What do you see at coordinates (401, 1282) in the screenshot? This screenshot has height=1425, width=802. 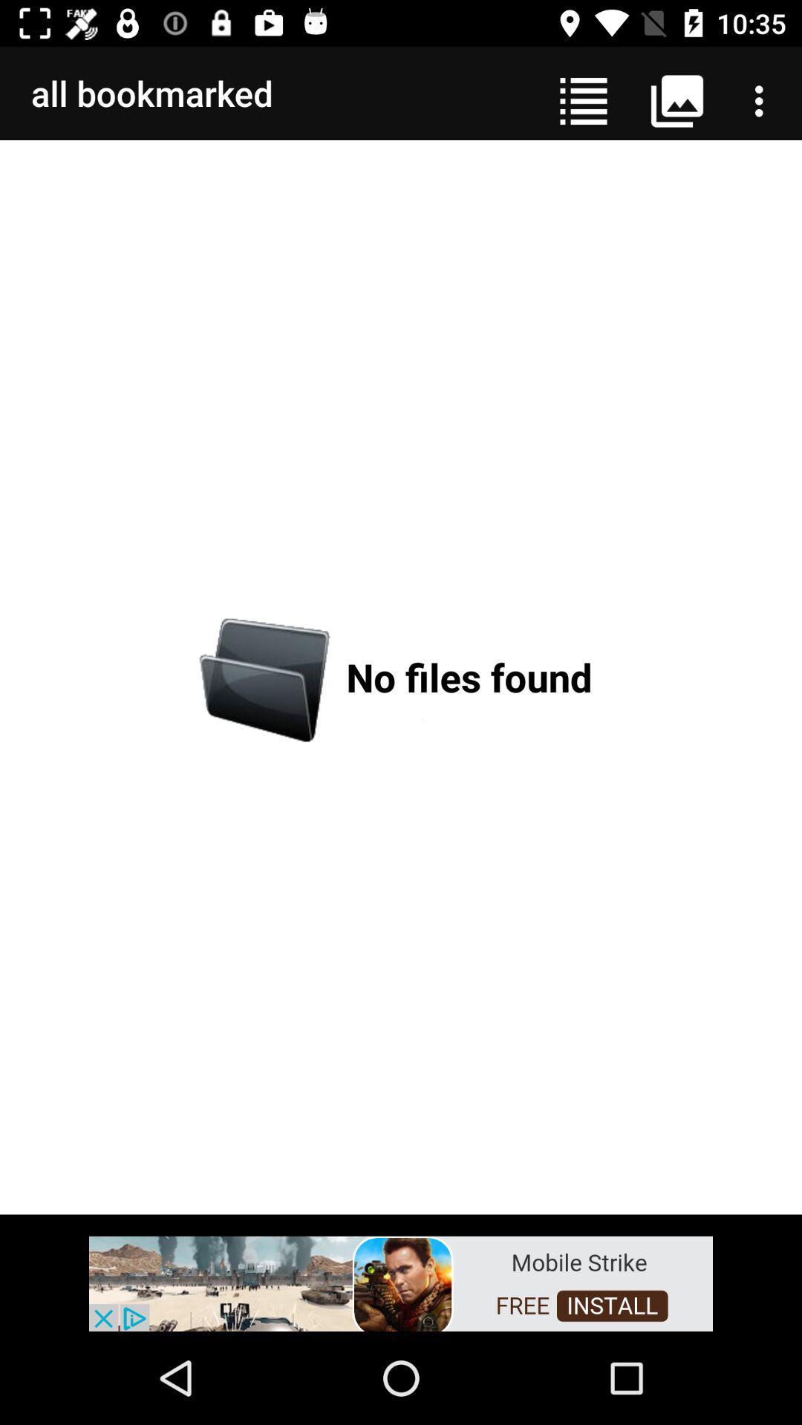 I see `advertisement` at bounding box center [401, 1282].